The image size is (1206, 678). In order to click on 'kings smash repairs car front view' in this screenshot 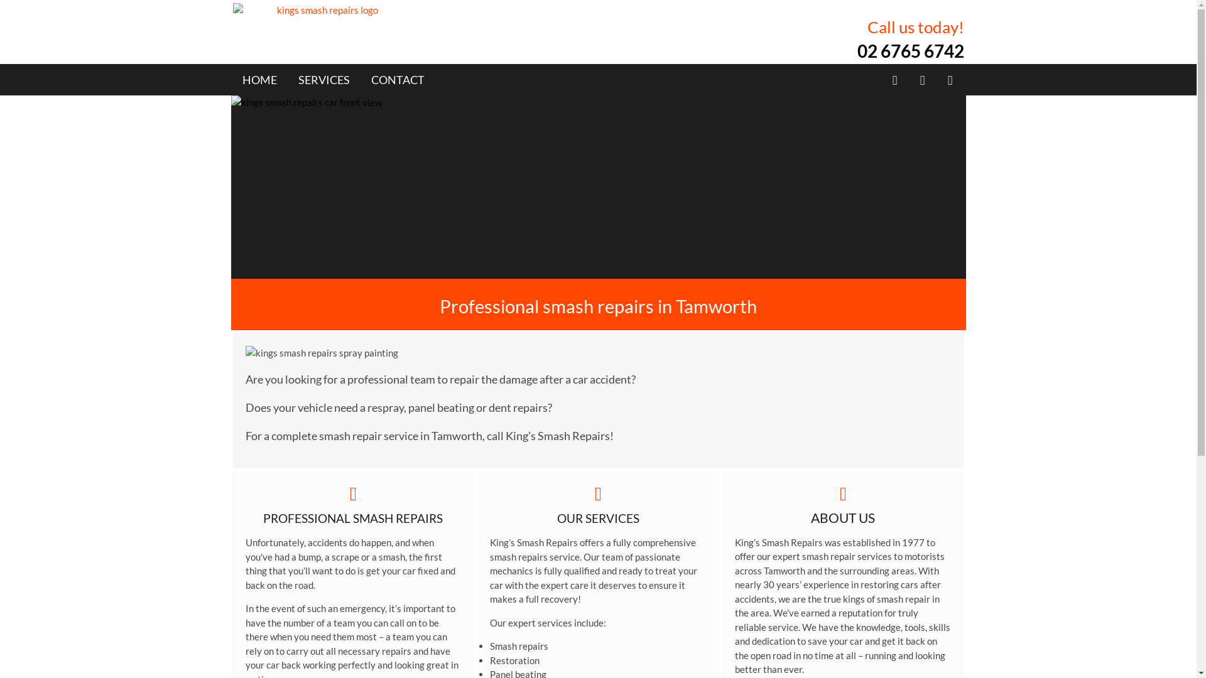, I will do `click(598, 187)`.